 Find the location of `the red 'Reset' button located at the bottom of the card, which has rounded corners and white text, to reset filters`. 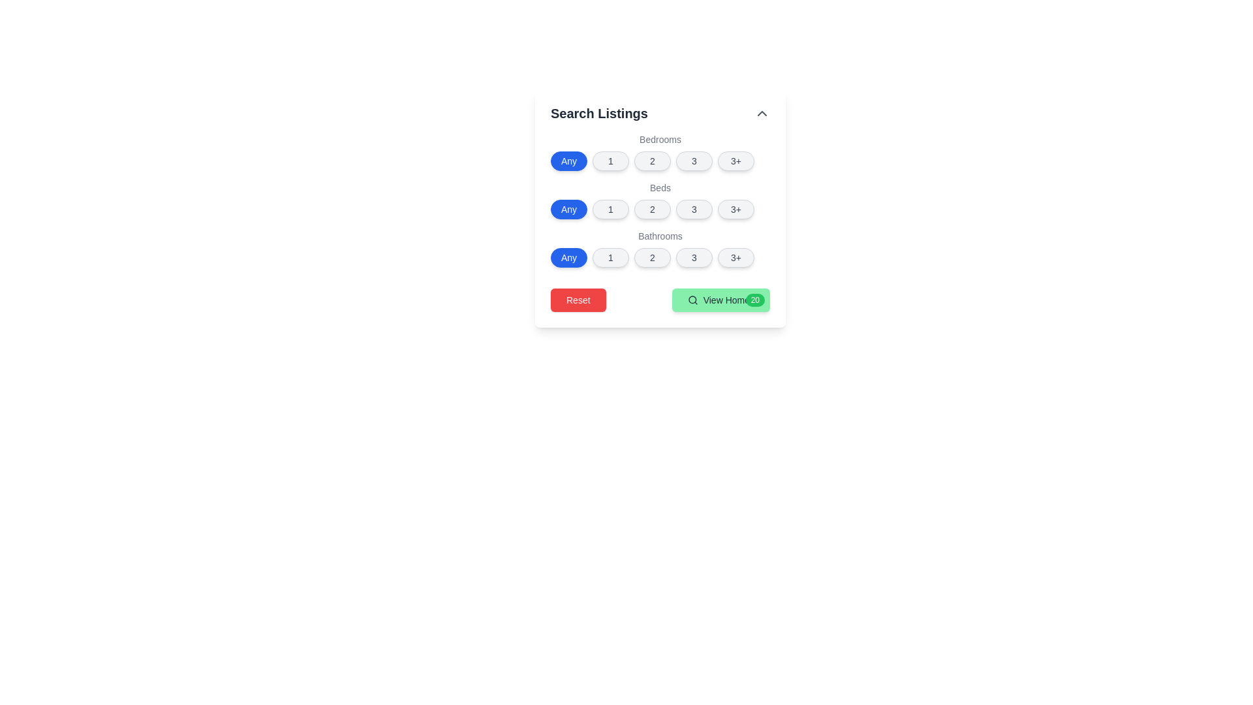

the red 'Reset' button located at the bottom of the card, which has rounded corners and white text, to reset filters is located at coordinates (578, 300).